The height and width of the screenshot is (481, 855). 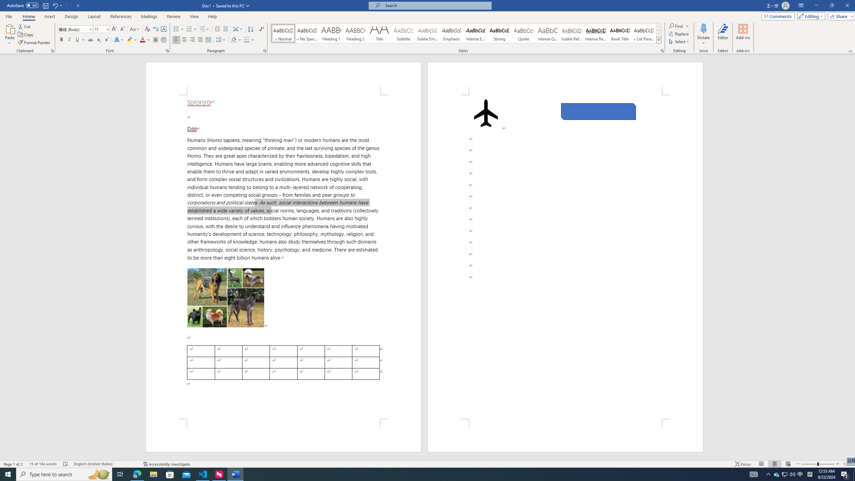 What do you see at coordinates (43, 5) in the screenshot?
I see `'Quick Access Toolbar'` at bounding box center [43, 5].